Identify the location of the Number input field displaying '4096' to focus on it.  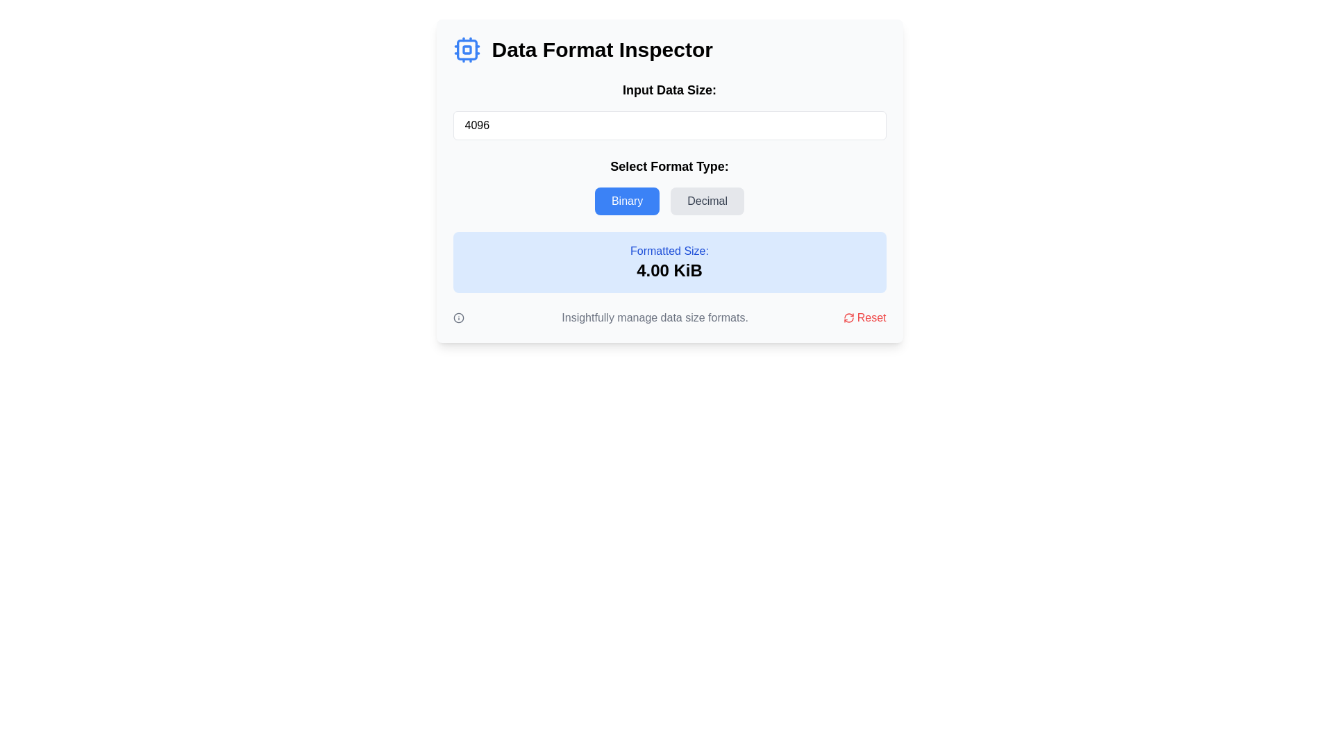
(669, 126).